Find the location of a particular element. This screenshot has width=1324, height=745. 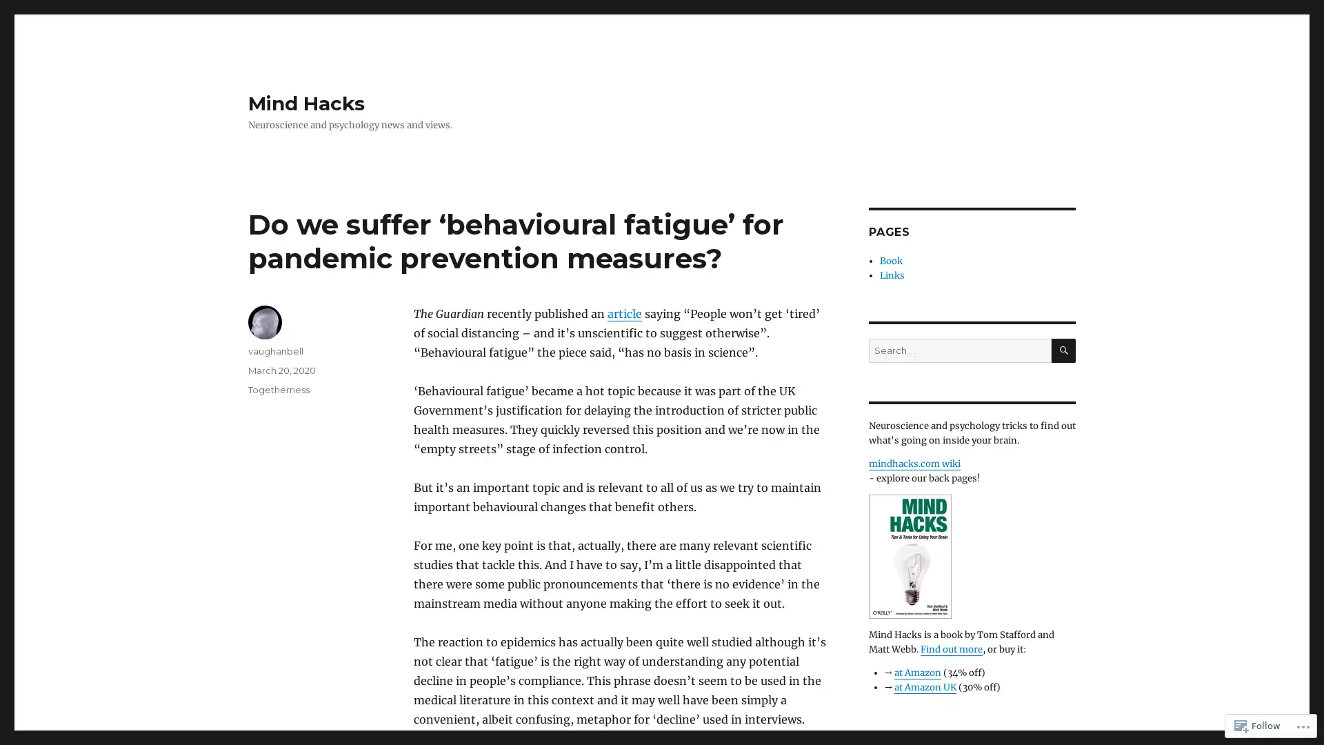

SEARCH is located at coordinates (1063, 350).